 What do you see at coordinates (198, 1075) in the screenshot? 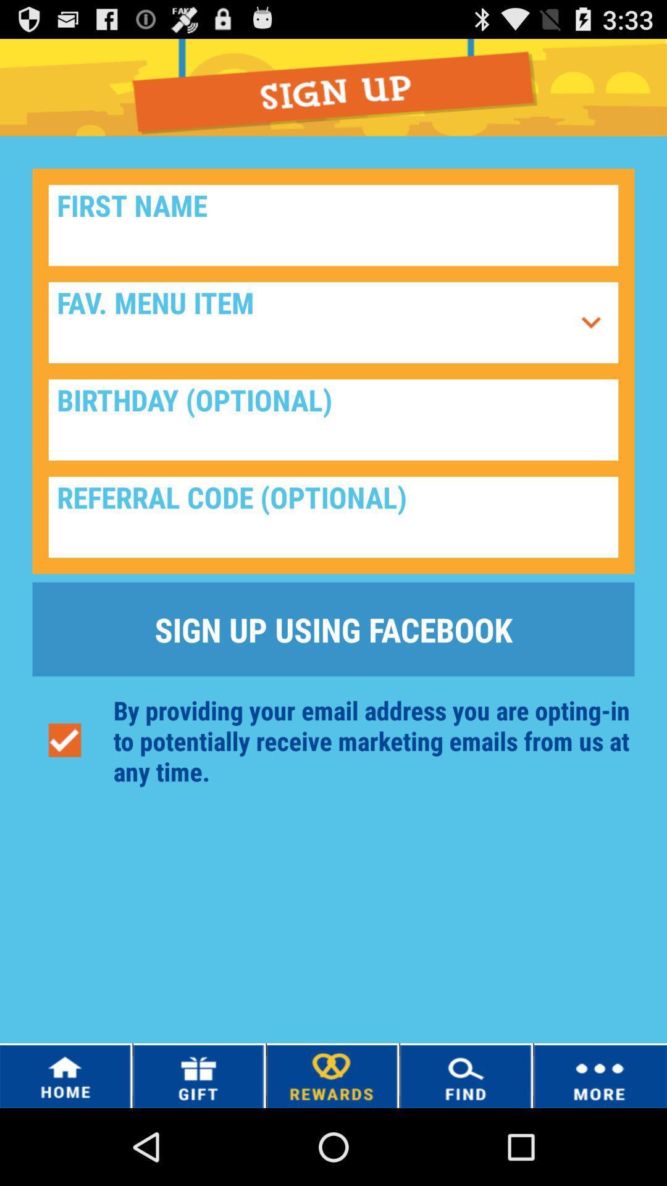
I see `the option right  side of home option` at bounding box center [198, 1075].